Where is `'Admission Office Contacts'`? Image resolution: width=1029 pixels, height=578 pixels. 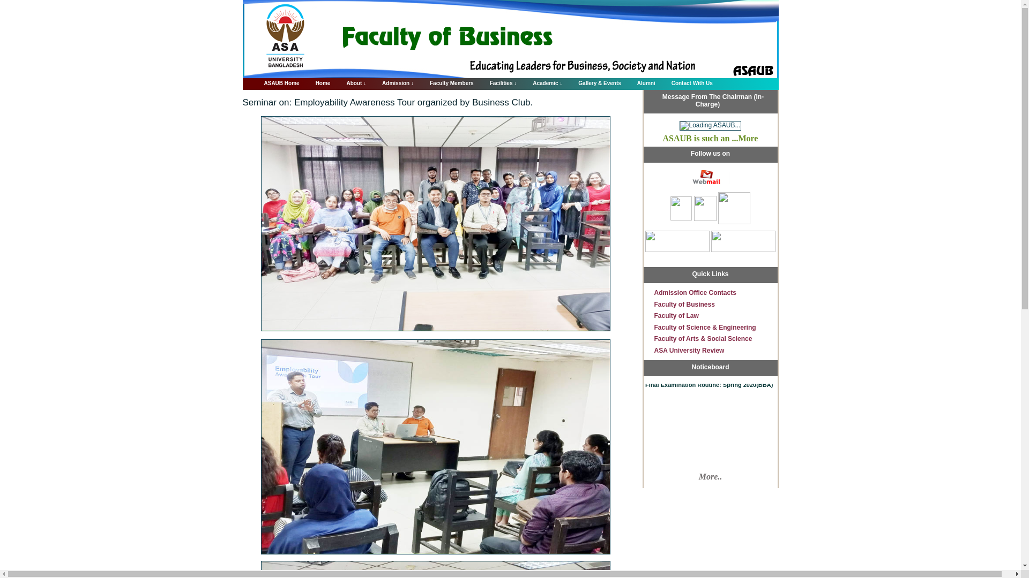
'Admission Office Contacts' is located at coordinates (653, 293).